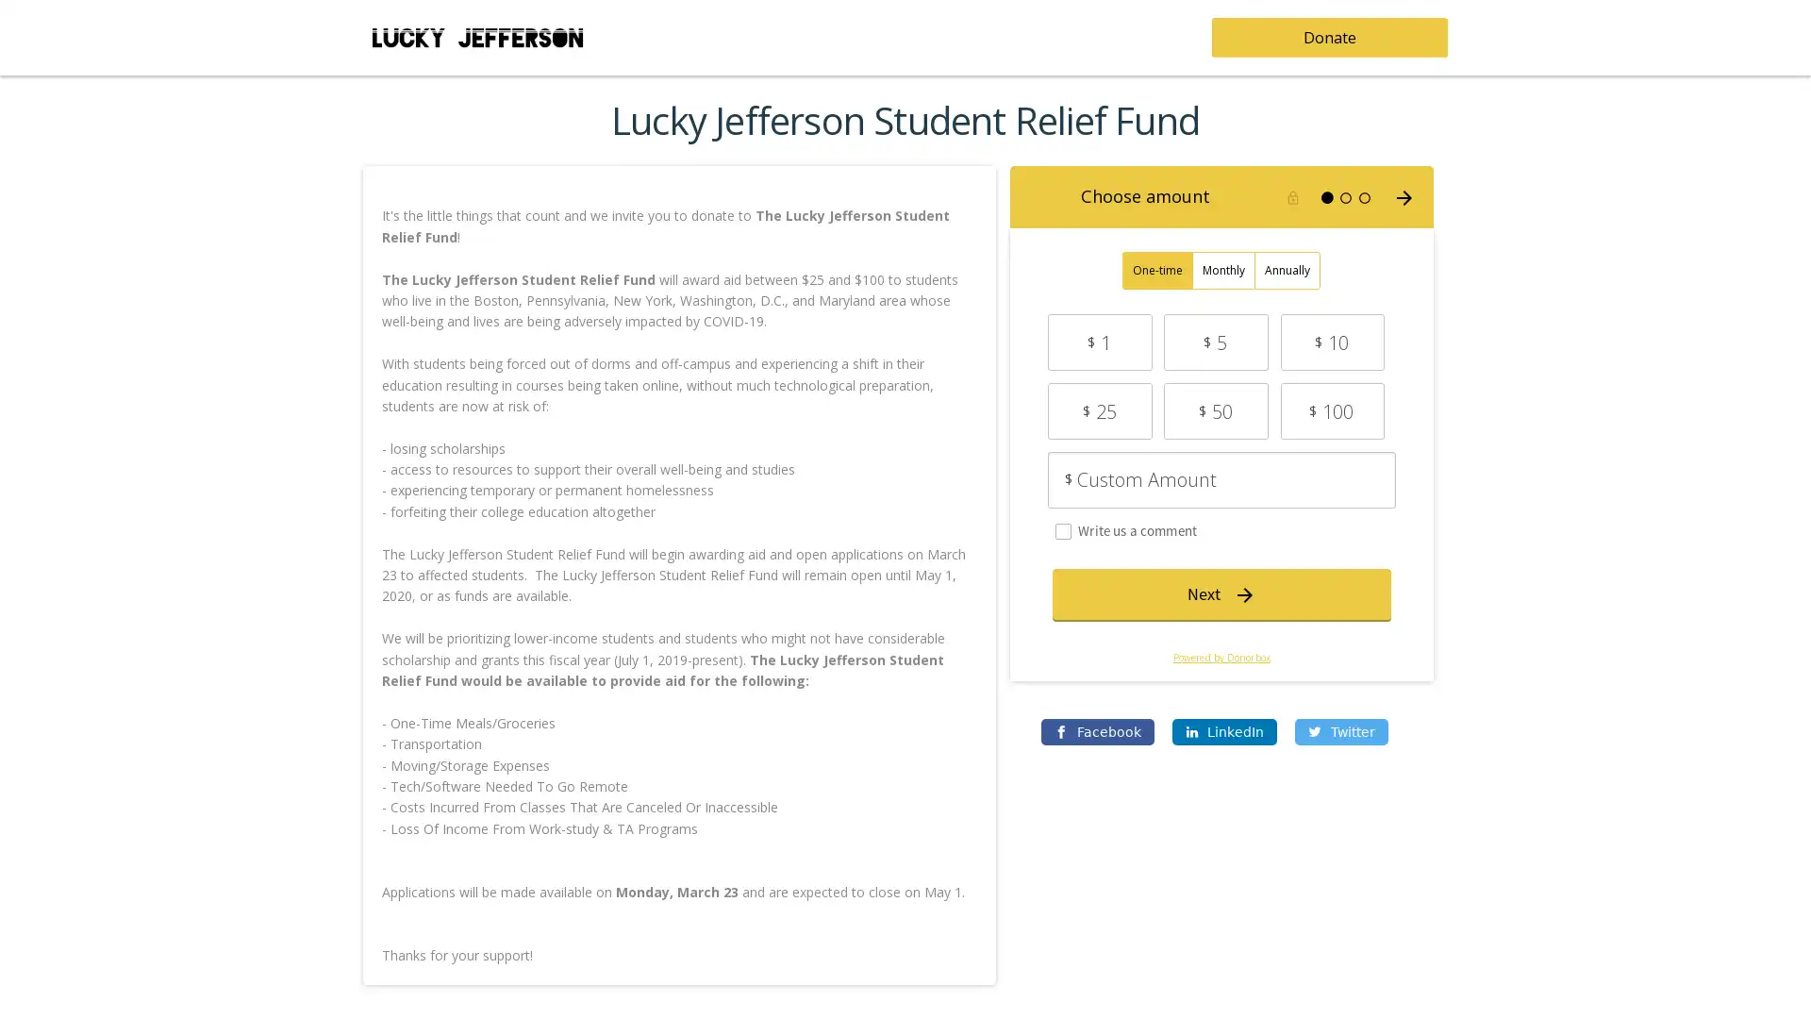 This screenshot has width=1811, height=1019. I want to click on Next, so click(1221, 593).